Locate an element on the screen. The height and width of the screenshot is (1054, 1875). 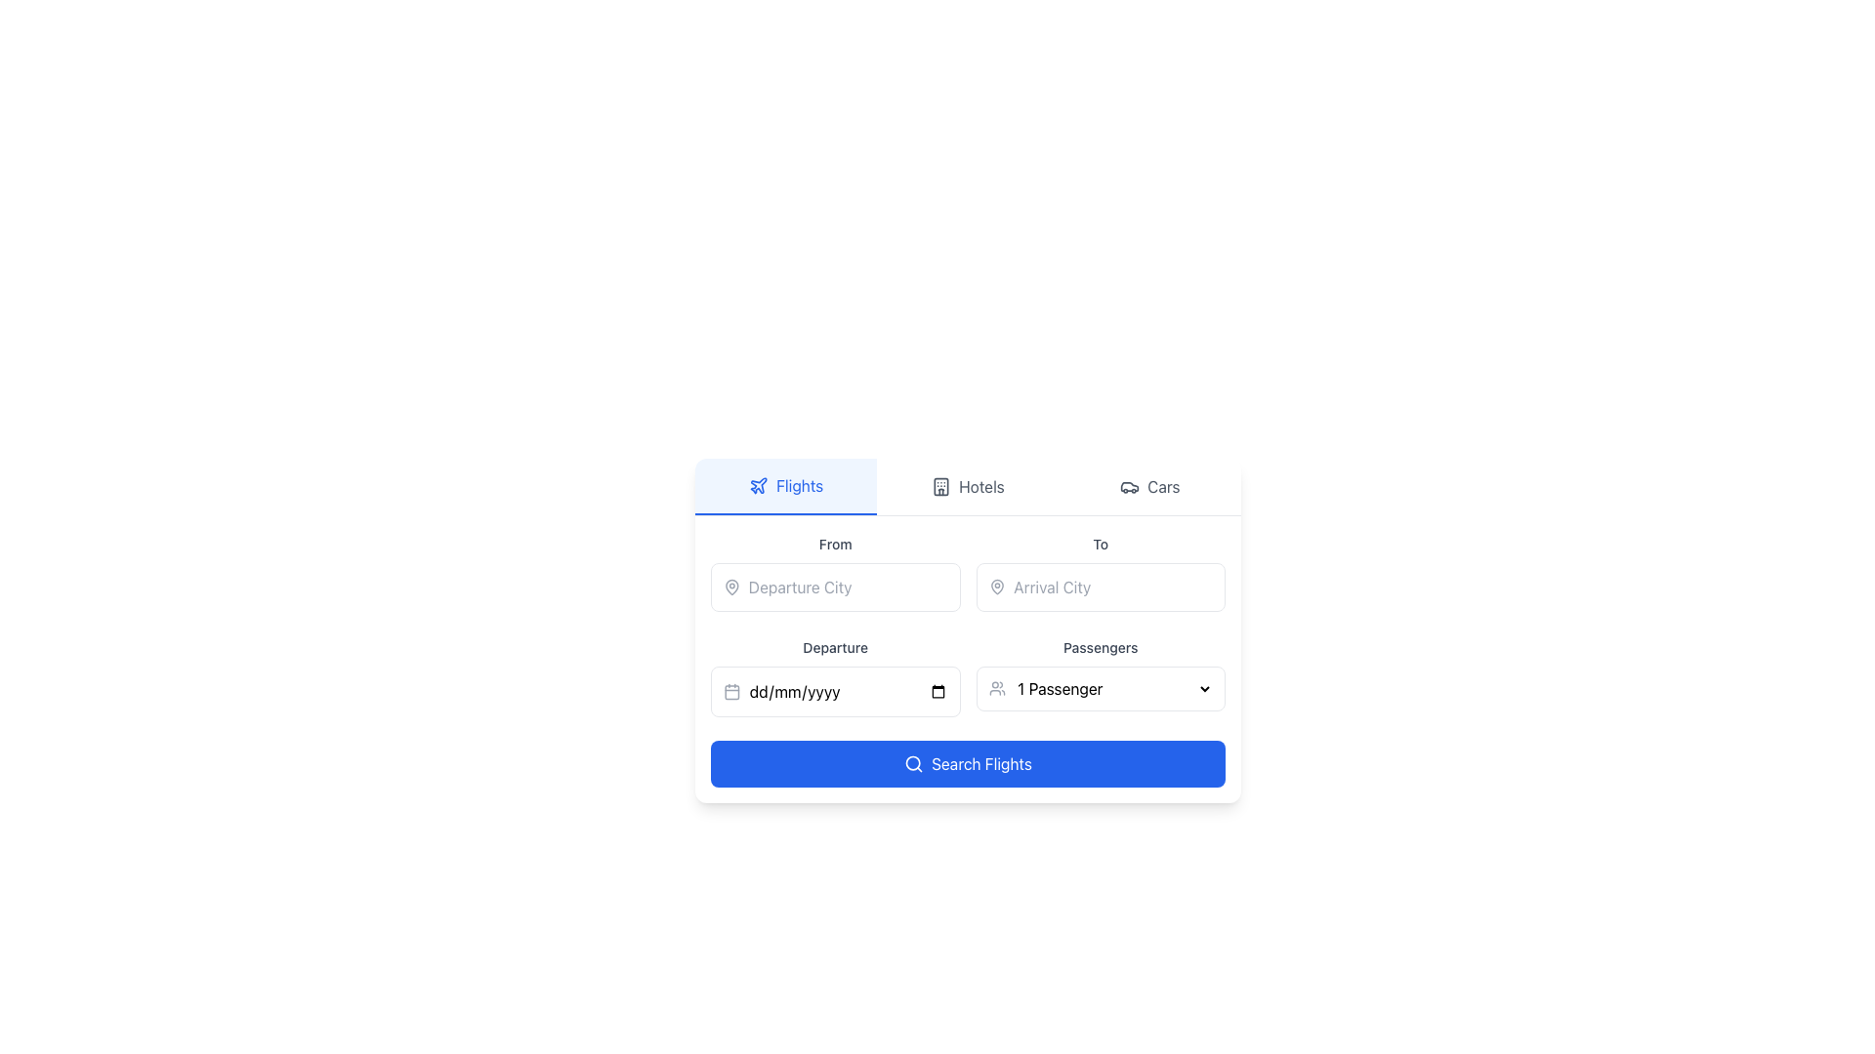
the search icon, which is a magnifying glass on a blue background, located to the left of the 'Search Flights' text within the button is located at coordinates (913, 763).